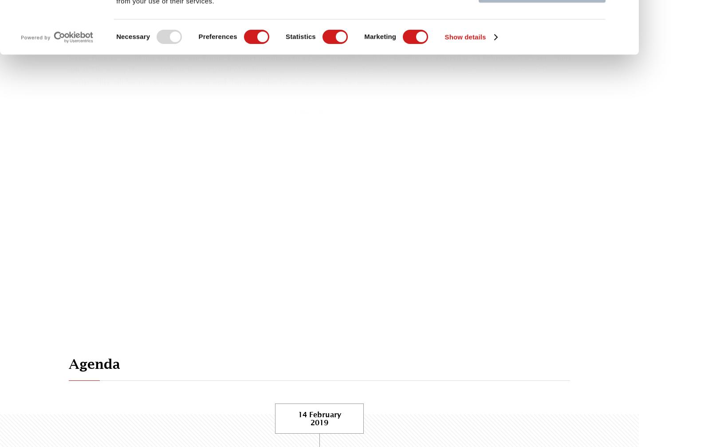 The image size is (712, 447). What do you see at coordinates (304, 112) in the screenshot?
I see `'Yes'` at bounding box center [304, 112].